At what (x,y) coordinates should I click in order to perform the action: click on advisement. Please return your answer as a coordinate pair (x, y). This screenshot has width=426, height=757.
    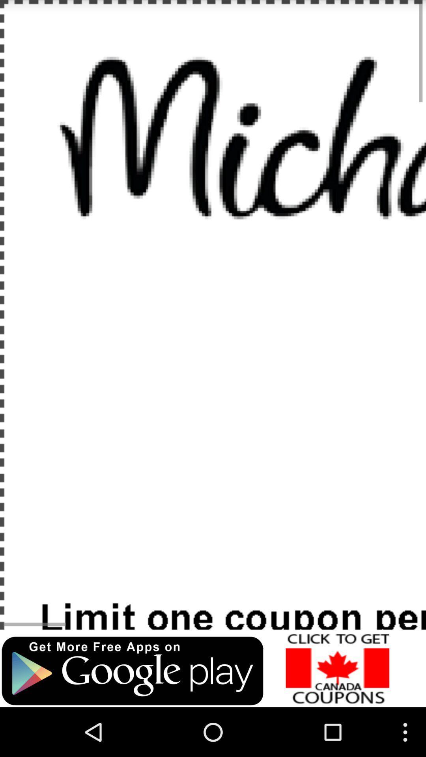
    Looking at the image, I should click on (132, 671).